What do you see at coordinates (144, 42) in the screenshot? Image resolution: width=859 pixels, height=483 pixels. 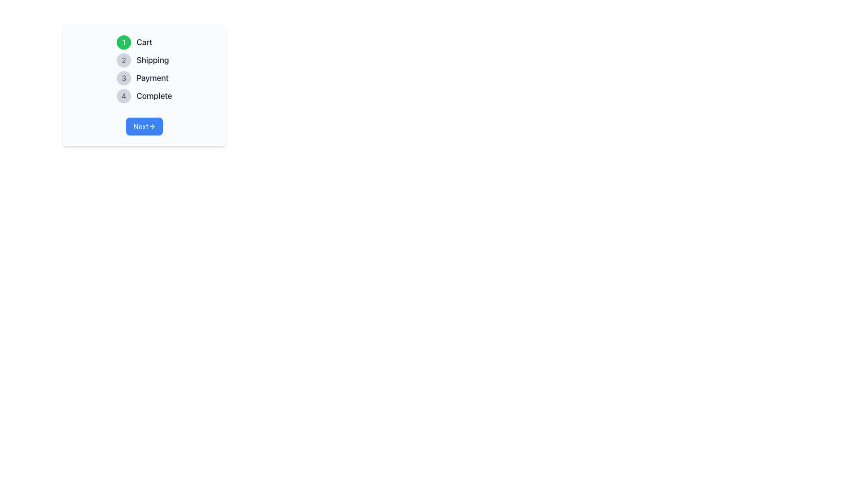 I see `the text label displaying 'Cart' in dark gray, which is located to the right of the green circular icon labeled '1'` at bounding box center [144, 42].